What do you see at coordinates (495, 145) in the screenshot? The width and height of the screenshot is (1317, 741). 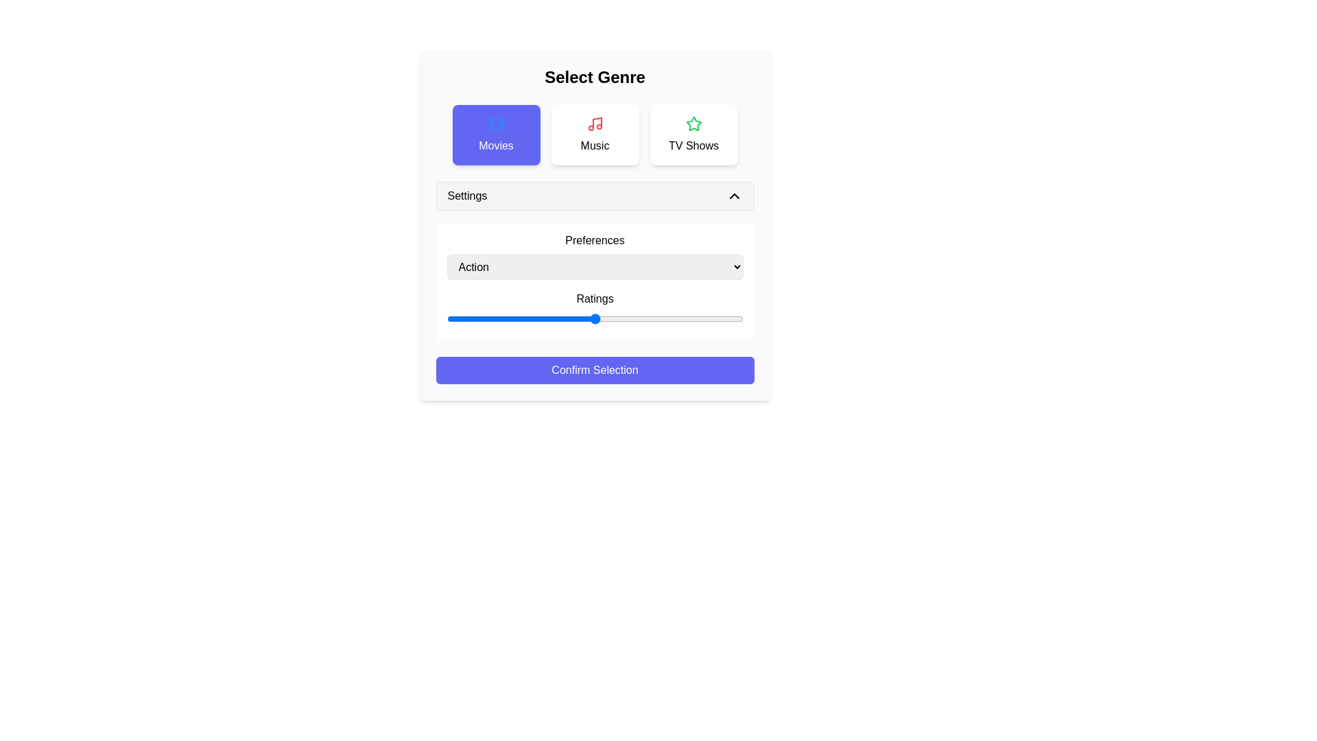 I see `the 'Movies' text label located at the bottom middle of the first interactive card in the genre selection row` at bounding box center [495, 145].